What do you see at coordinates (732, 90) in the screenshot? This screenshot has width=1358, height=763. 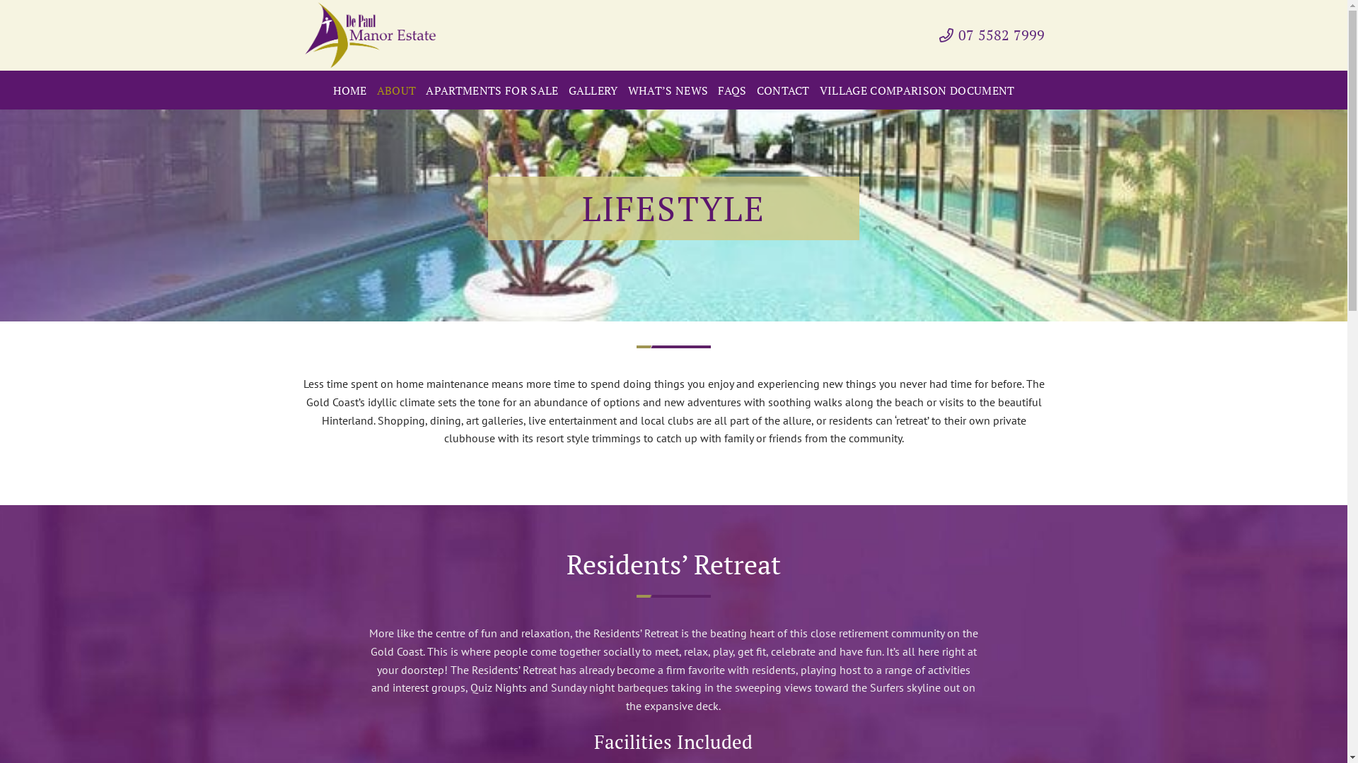 I see `'FAQS'` at bounding box center [732, 90].